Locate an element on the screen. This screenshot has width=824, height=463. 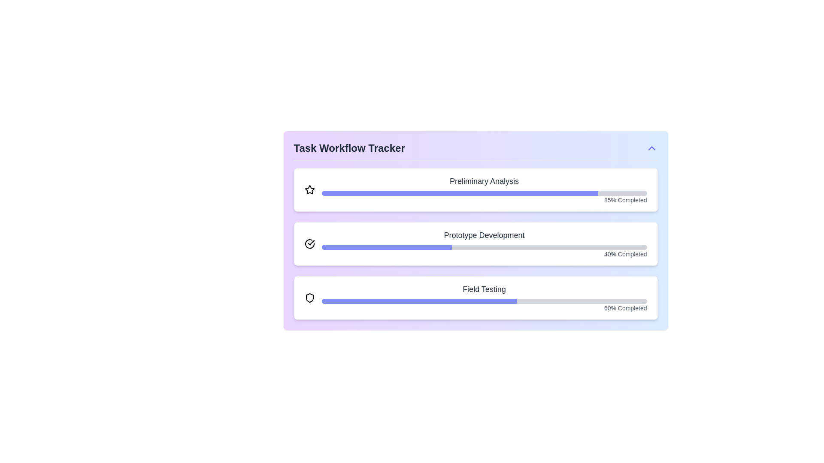
blue filled portion of the progress bar located below the text 'Preliminary Analysis', indicating 85% progress is located at coordinates (459, 193).